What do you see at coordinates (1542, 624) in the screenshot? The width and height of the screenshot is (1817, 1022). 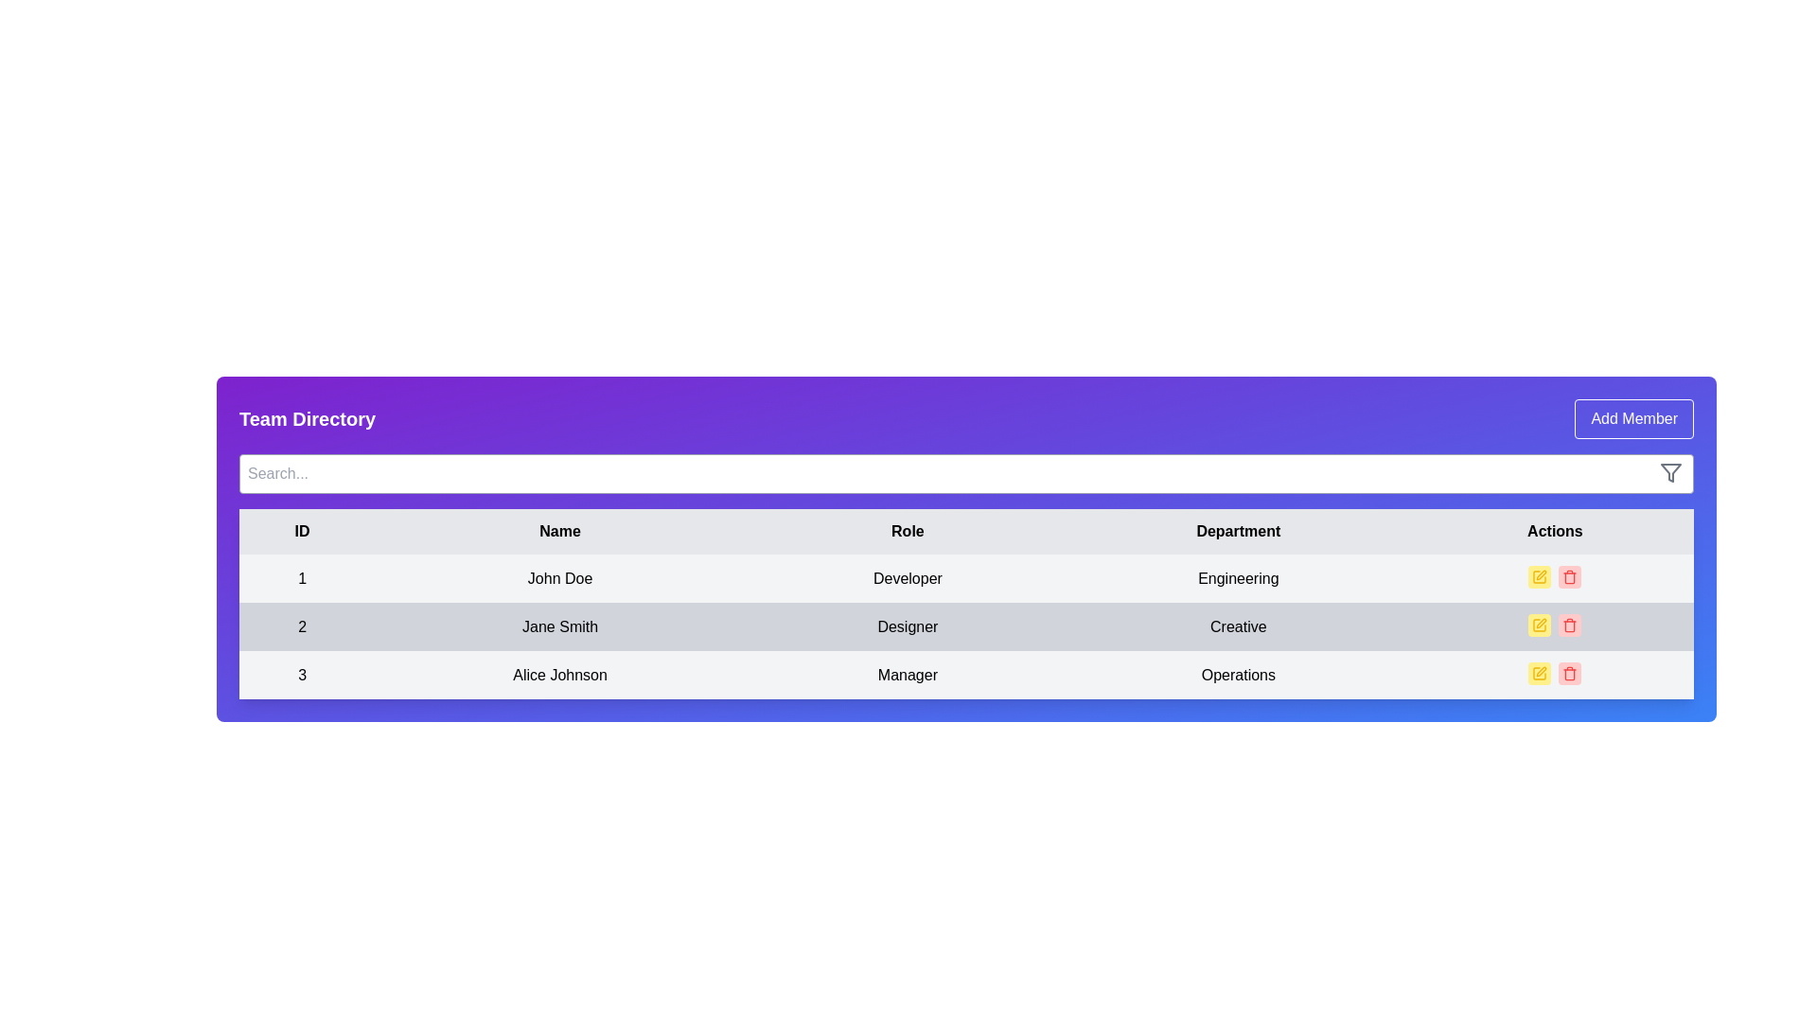 I see `the edit icon in the Actions column for the 'Creative' entry in the table` at bounding box center [1542, 624].